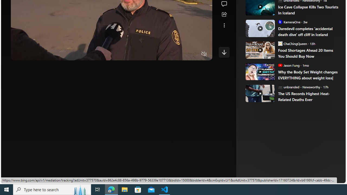 The height and width of the screenshot is (195, 347). What do you see at coordinates (308, 96) in the screenshot?
I see `'The US Records Highest Heat-Related Deaths Ever'` at bounding box center [308, 96].